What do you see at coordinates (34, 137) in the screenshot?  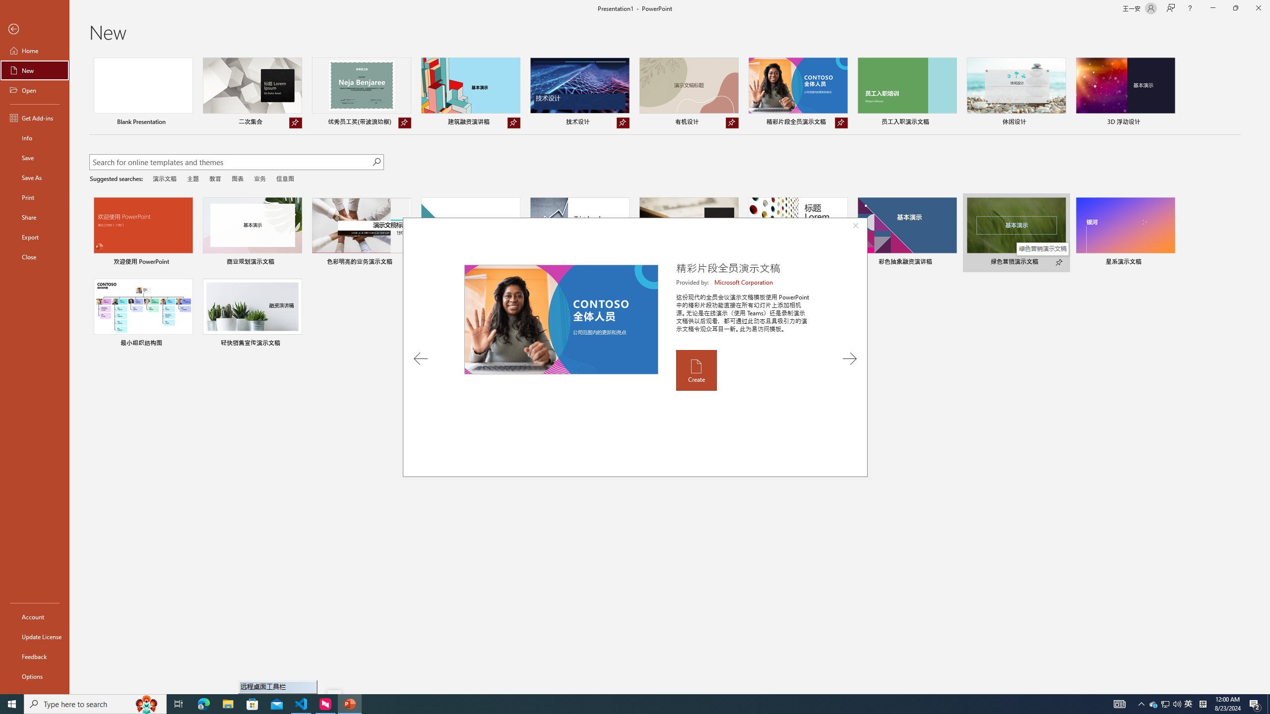 I see `'Info'` at bounding box center [34, 137].